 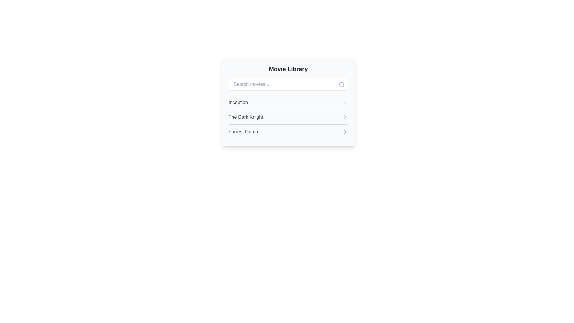 I want to click on the small gray arrow icon pointing to the right, located at the far right side of the 'Inception' row, so click(x=345, y=102).